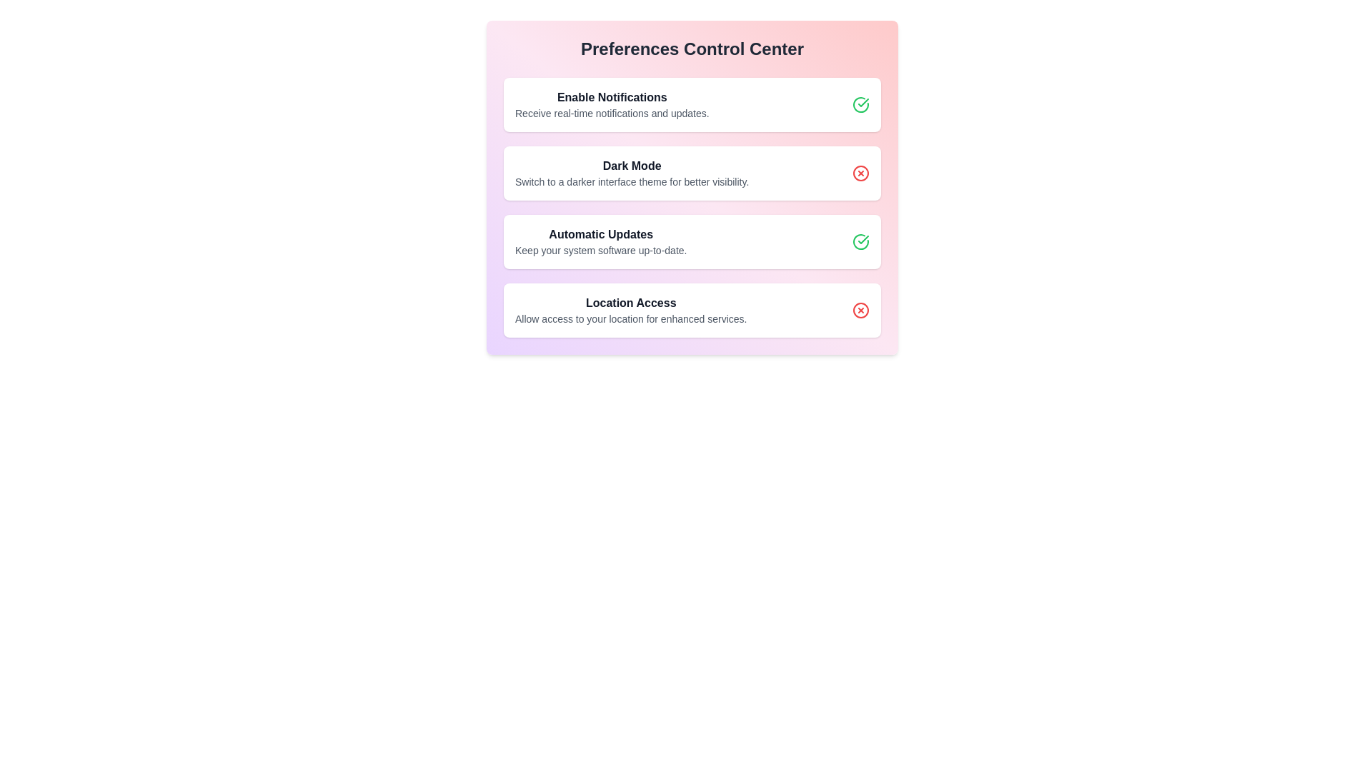  What do you see at coordinates (860, 104) in the screenshot?
I see `the icon at the right end of the first list item under 'Preferences Control Center'` at bounding box center [860, 104].